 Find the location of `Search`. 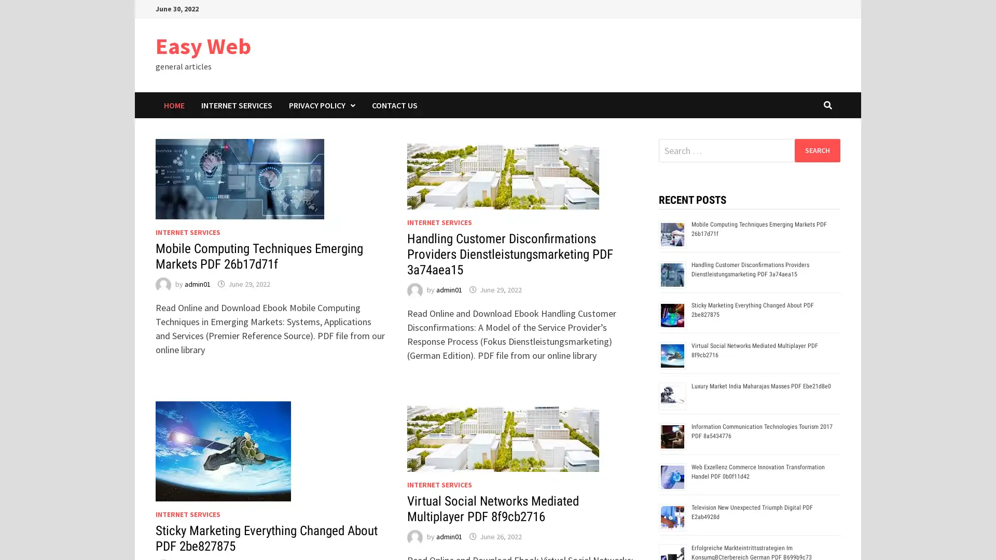

Search is located at coordinates (817, 150).